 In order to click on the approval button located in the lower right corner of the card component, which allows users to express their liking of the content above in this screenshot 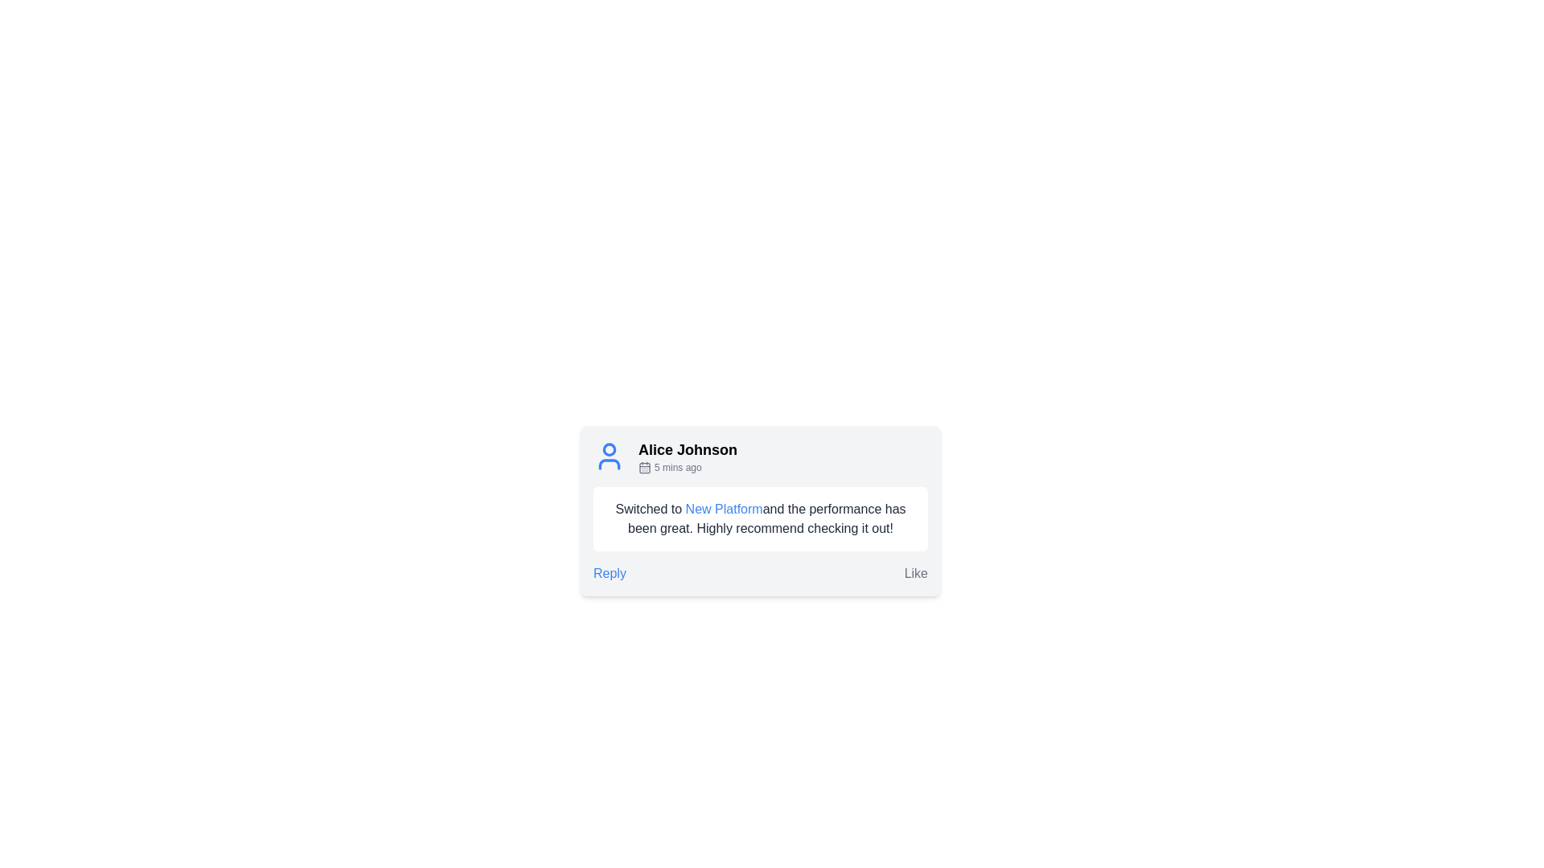, I will do `click(916, 572)`.